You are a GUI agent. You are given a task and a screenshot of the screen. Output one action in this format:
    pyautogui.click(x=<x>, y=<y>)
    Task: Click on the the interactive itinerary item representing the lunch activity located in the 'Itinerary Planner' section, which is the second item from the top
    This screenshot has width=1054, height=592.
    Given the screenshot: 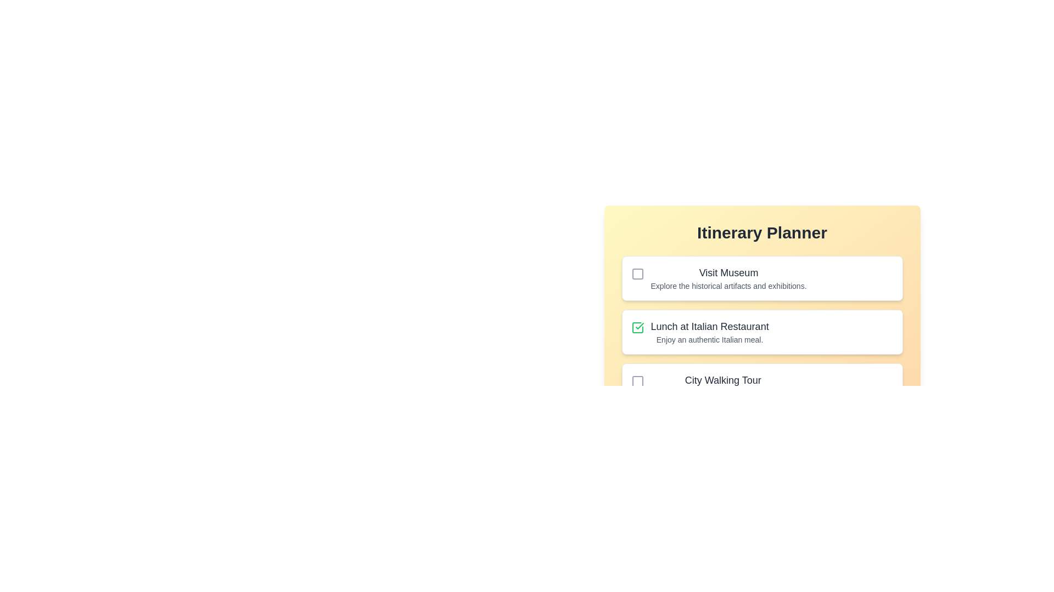 What is the action you would take?
    pyautogui.click(x=761, y=331)
    